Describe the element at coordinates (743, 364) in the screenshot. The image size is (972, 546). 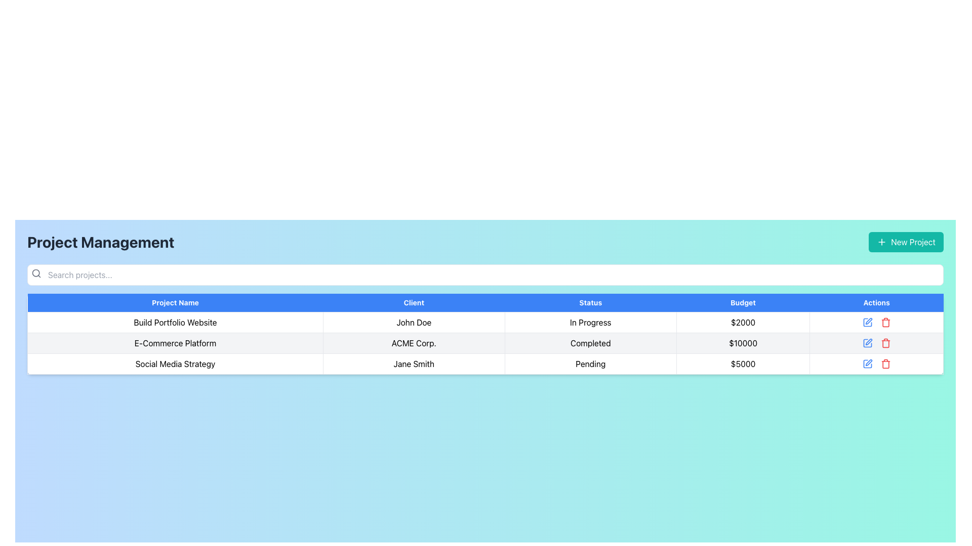
I see `the Text Label displaying '$5000' in the 4th column of the 3rd row in the 'Project Management' table` at that location.